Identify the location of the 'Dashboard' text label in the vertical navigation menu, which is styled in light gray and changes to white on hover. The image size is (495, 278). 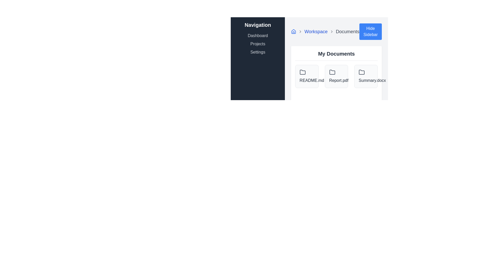
(258, 35).